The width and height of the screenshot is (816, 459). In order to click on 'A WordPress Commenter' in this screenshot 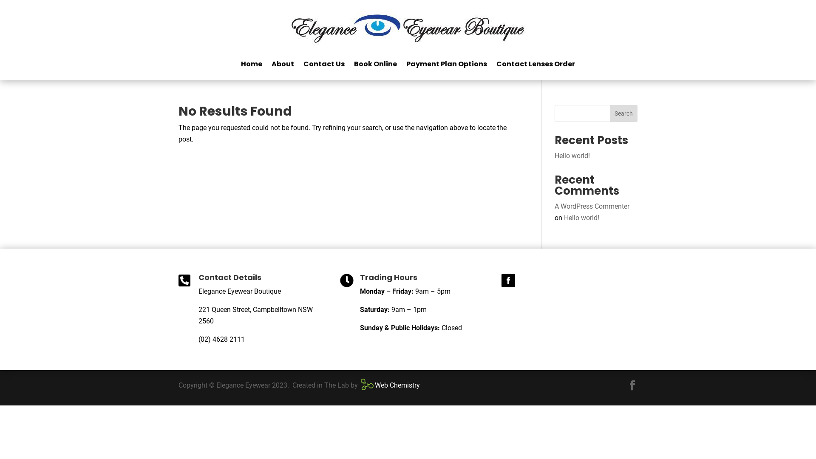, I will do `click(591, 206)`.